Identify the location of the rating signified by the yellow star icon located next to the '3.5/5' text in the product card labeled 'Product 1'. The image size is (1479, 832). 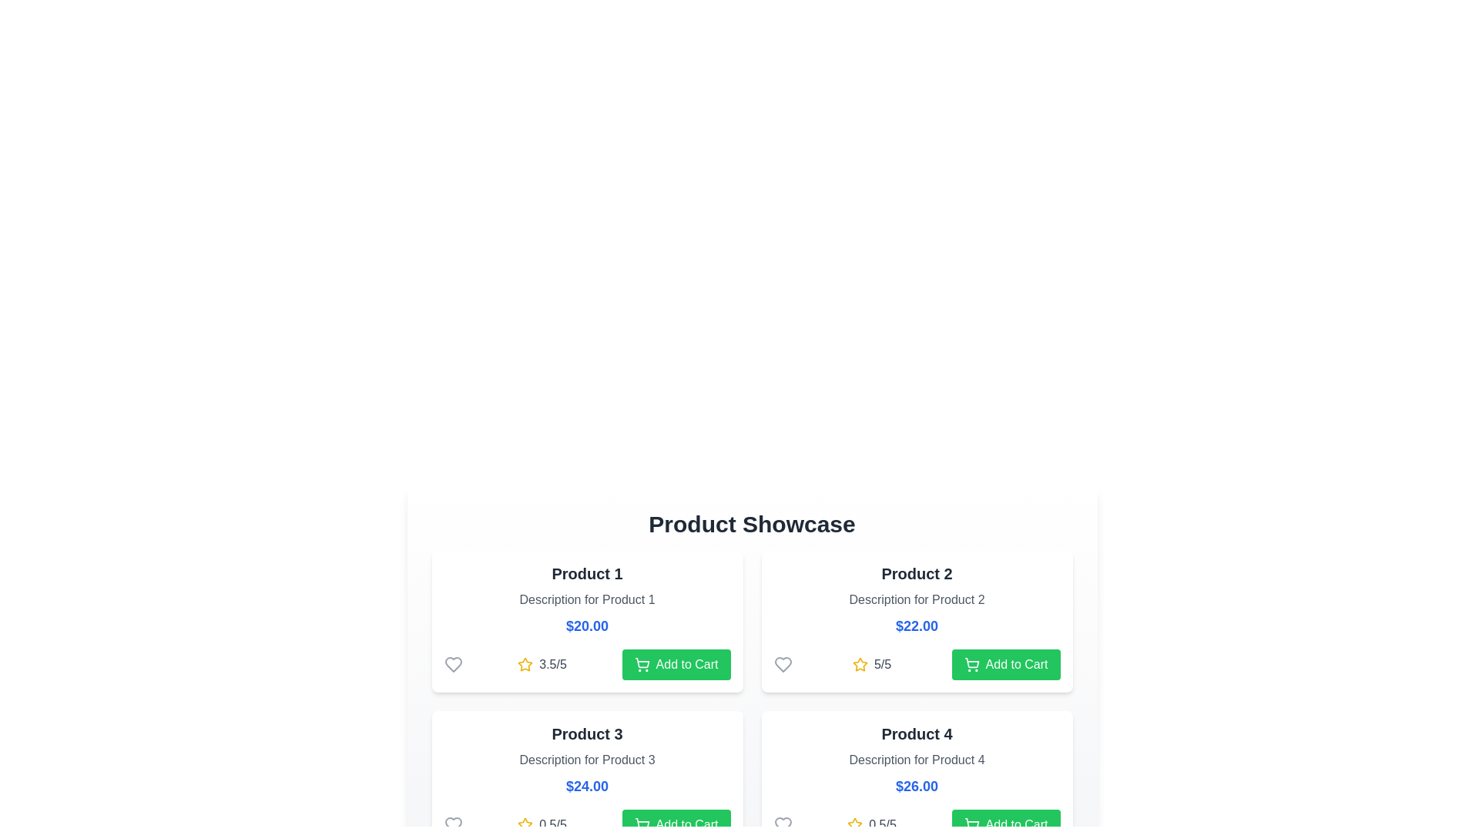
(525, 664).